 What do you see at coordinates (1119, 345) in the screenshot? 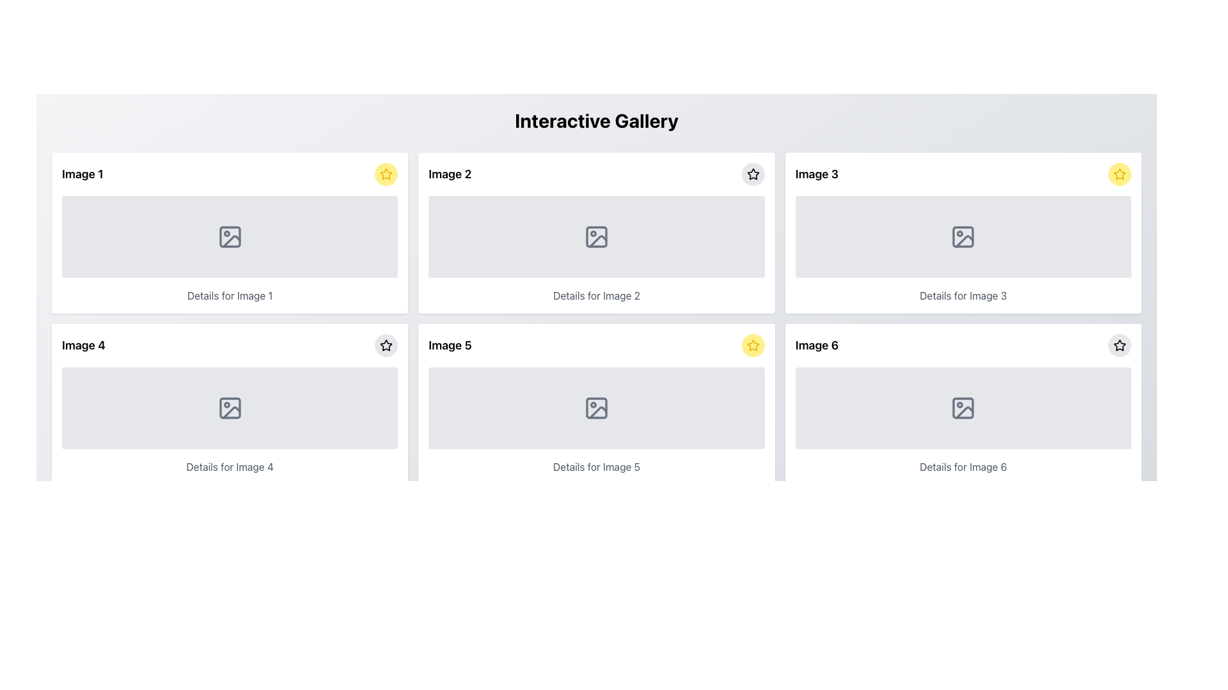
I see `the star icon button located at the top-right corner of the card labeled 'Image 6', which serves as a bookmarking function` at bounding box center [1119, 345].